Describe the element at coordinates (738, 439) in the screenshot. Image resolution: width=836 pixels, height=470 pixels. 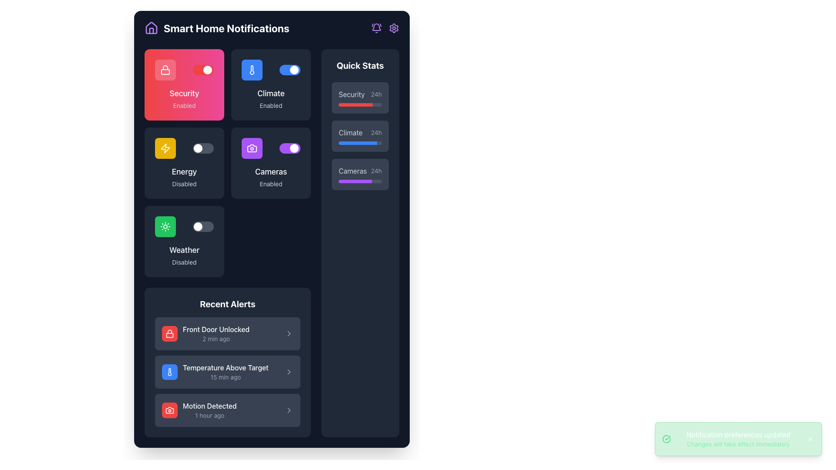
I see `status message that says 'Notification preferences updated' in bold white font and 'Changes will take effect immediately' in smaller greenish font, located in the bottom-right notification pop-up` at that location.